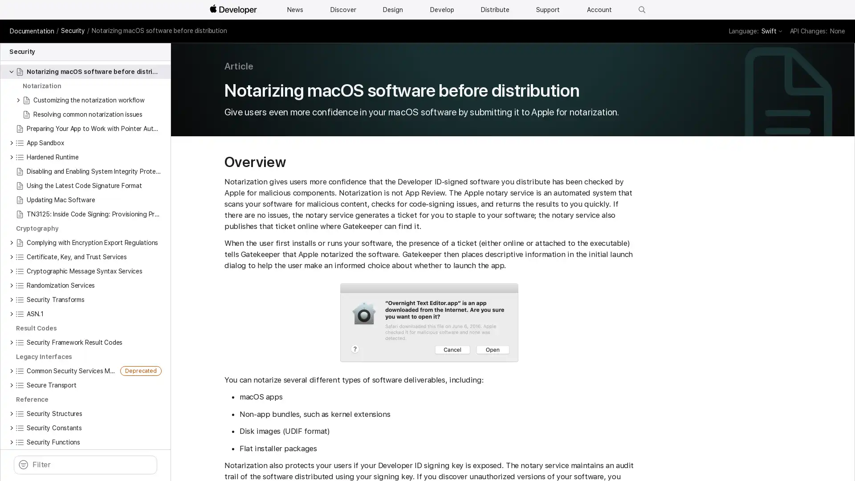 This screenshot has width=855, height=481. Describe the element at coordinates (10, 163) in the screenshot. I see `Hardened Runtime` at that location.